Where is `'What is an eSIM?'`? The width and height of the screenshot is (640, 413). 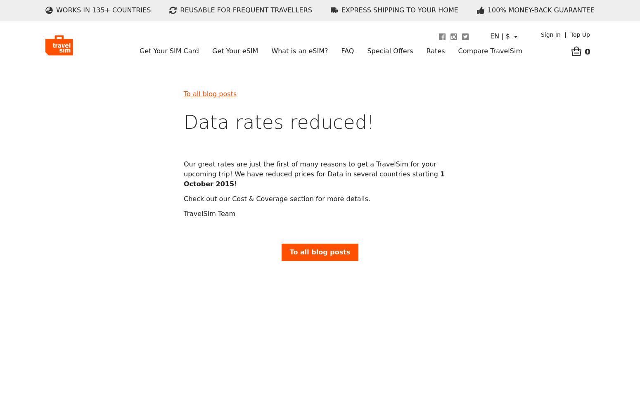
'What is an eSIM?' is located at coordinates (299, 50).